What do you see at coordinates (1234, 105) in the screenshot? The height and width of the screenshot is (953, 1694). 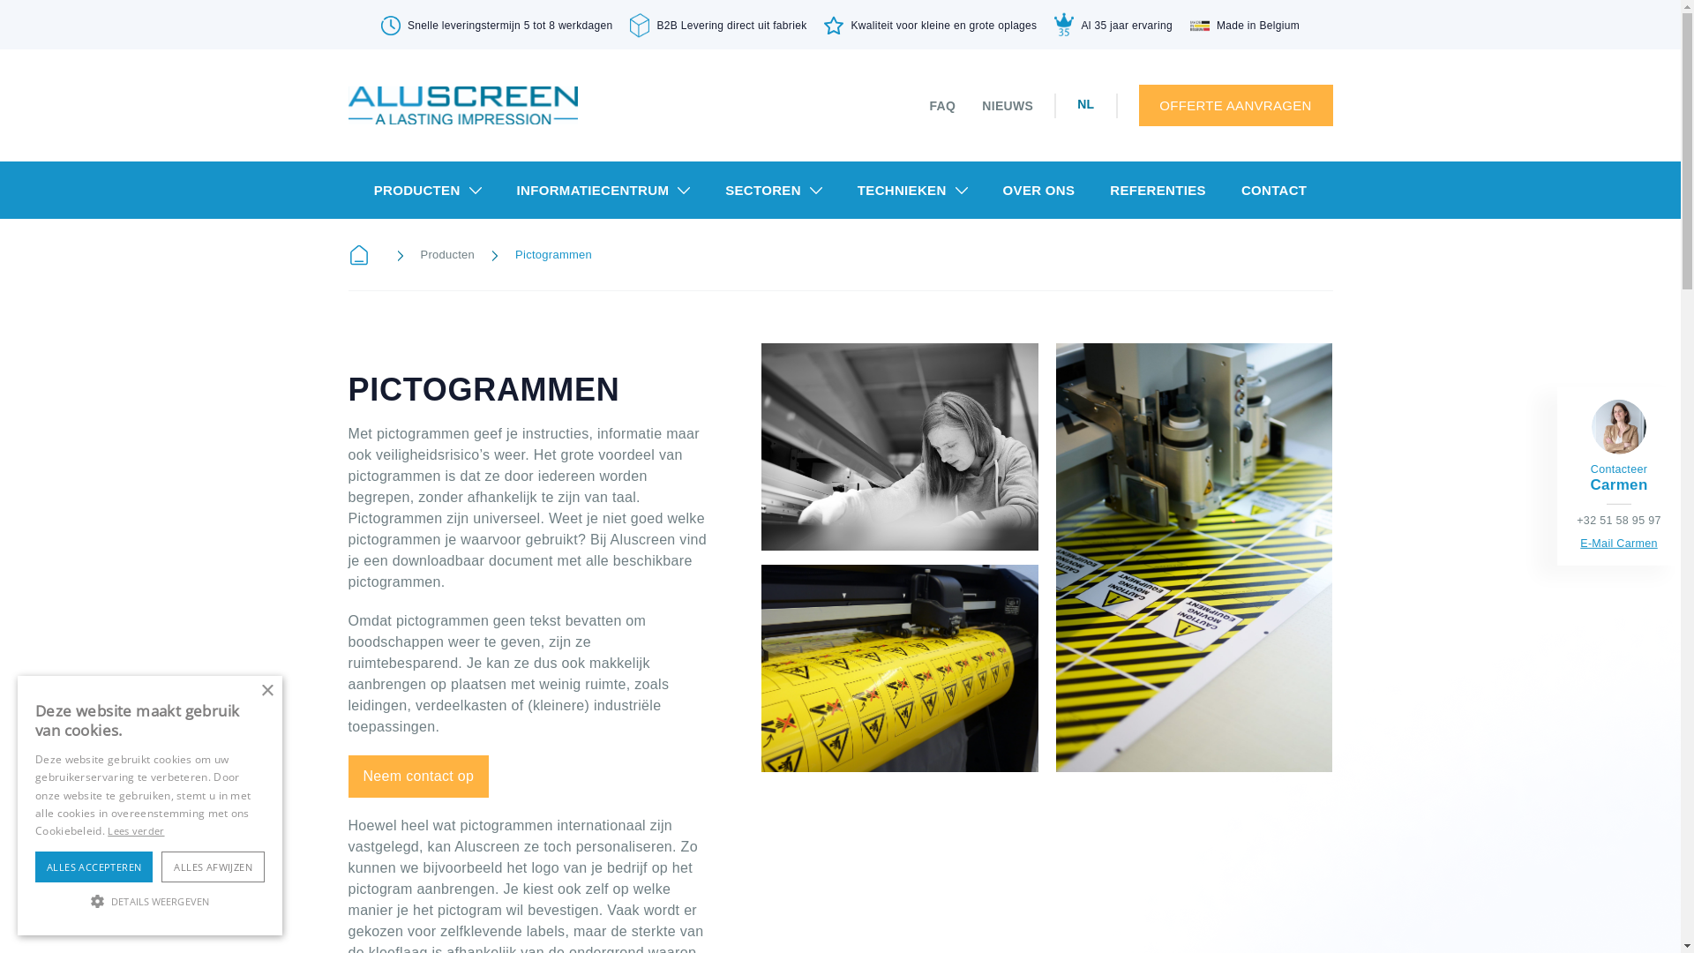 I see `'OFFERTE AANVRAGEN'` at bounding box center [1234, 105].